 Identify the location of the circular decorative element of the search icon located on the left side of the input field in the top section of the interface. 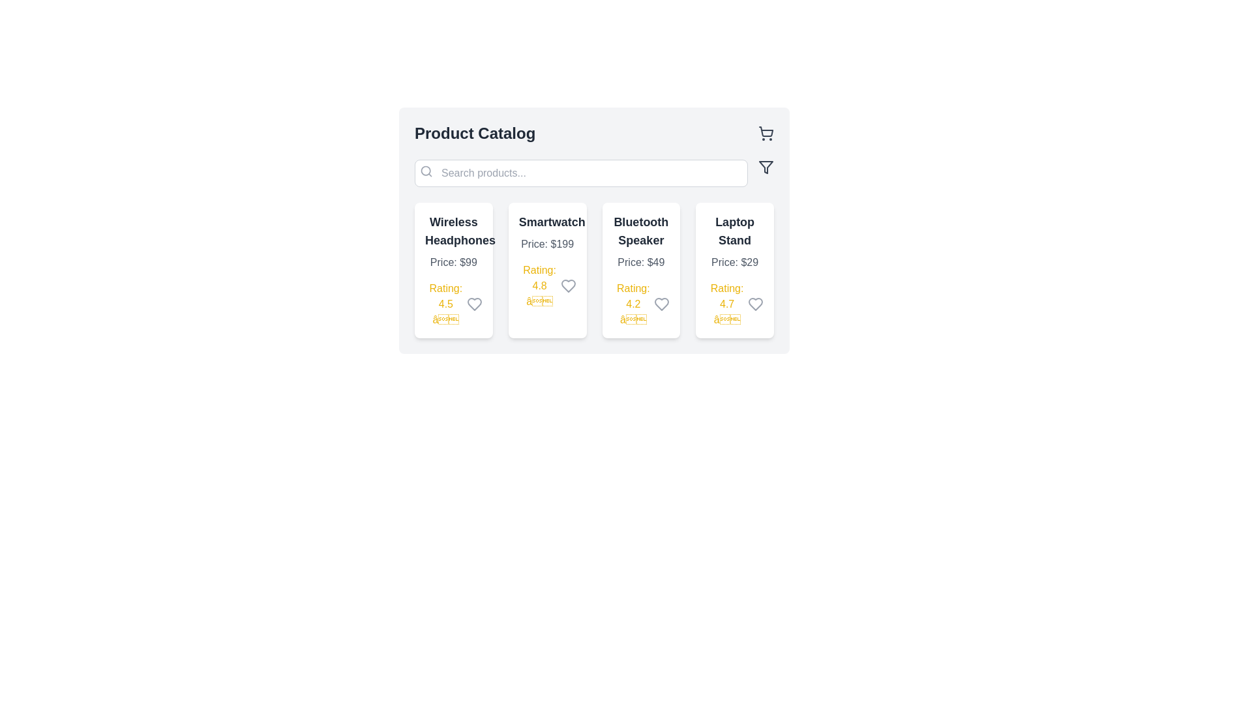
(426, 170).